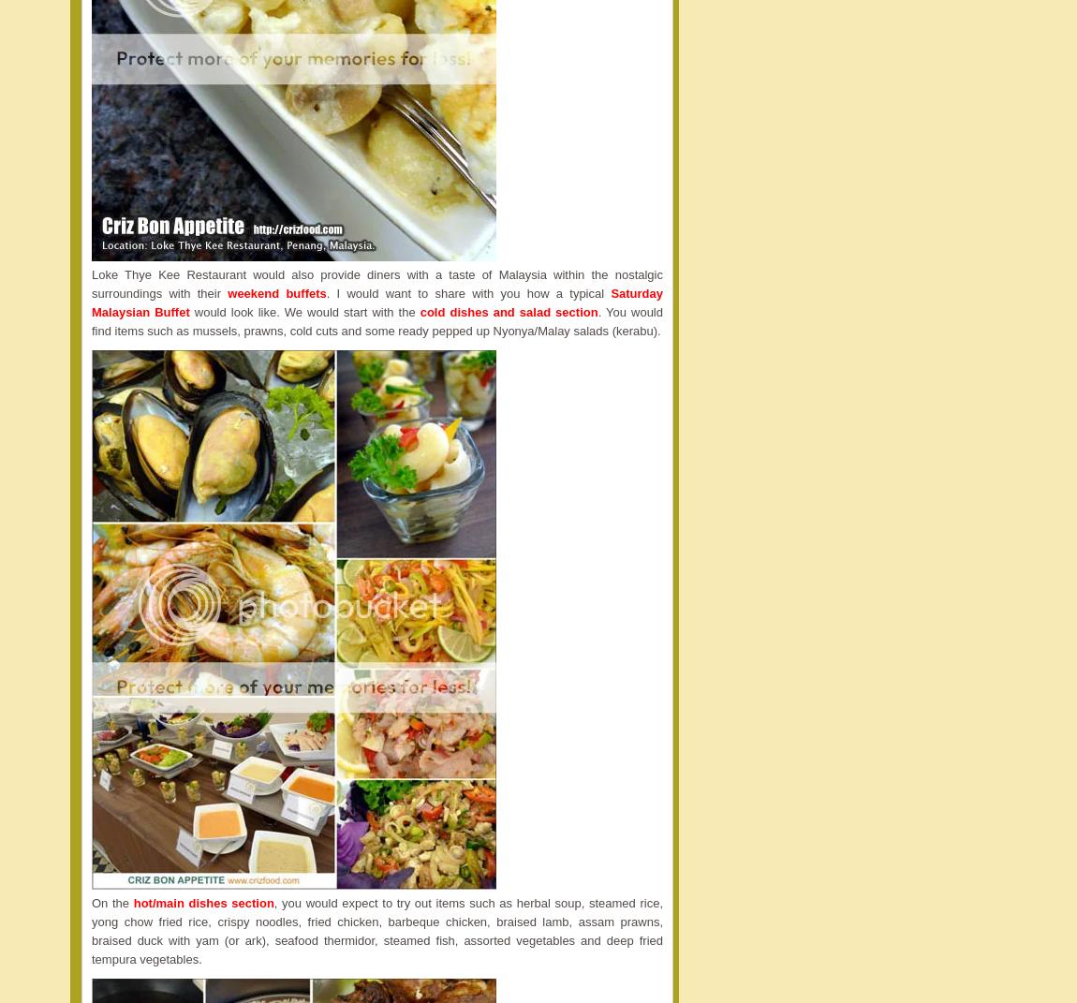 This screenshot has height=1003, width=1077. Describe the element at coordinates (376, 301) in the screenshot. I see `'Saturday Malaysian Buffet'` at that location.